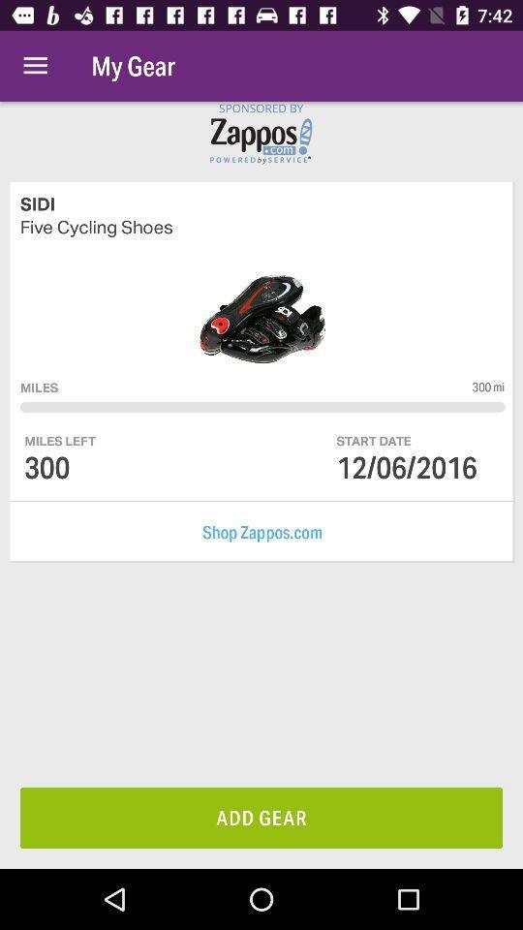 The image size is (523, 930). I want to click on sidi icon, so click(261, 203).